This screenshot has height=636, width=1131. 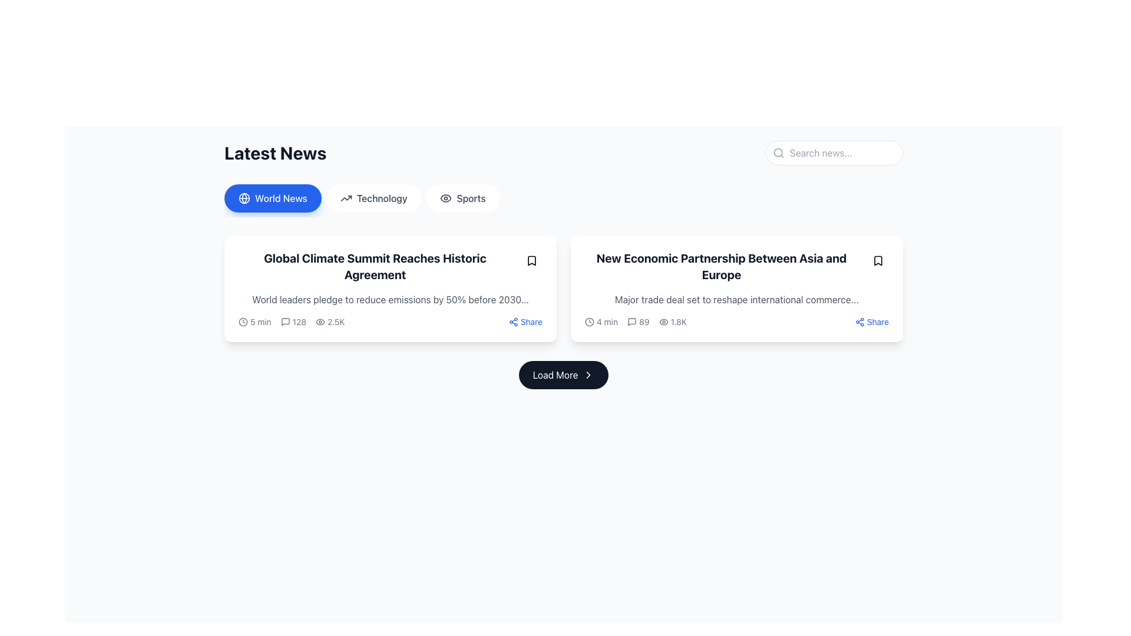 I want to click on the bookmark icon located at the top-right corner of the 'New Economic Partnership Between Asia and Europe' post, so click(x=878, y=260).